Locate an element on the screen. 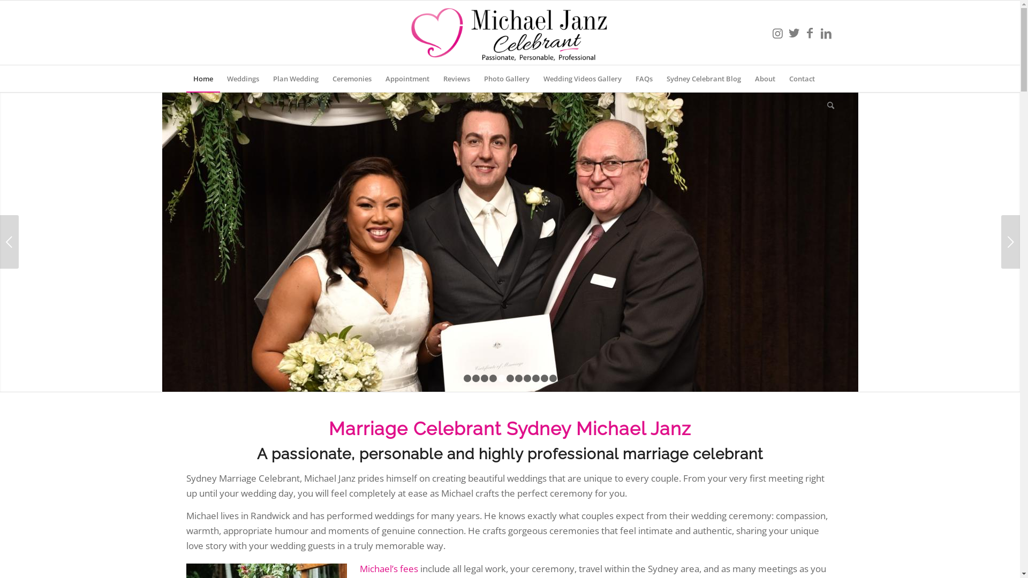  'Instagram' is located at coordinates (778, 32).